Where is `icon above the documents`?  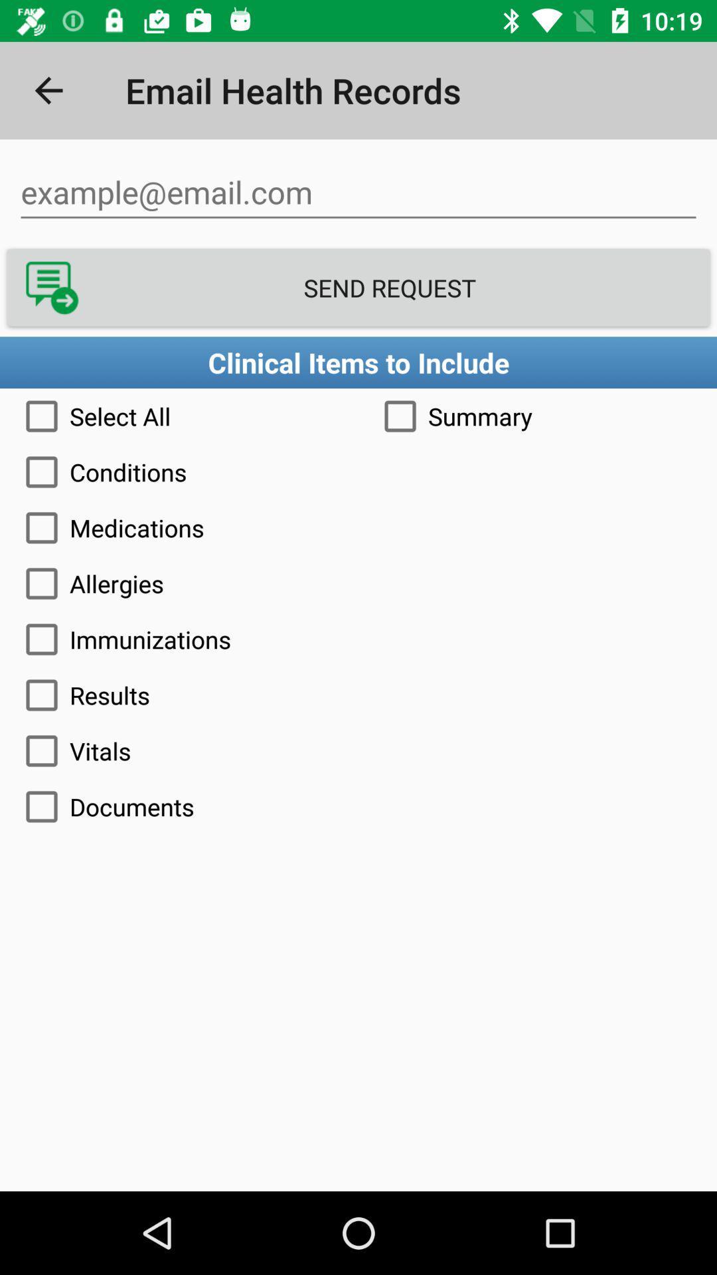 icon above the documents is located at coordinates (358, 751).